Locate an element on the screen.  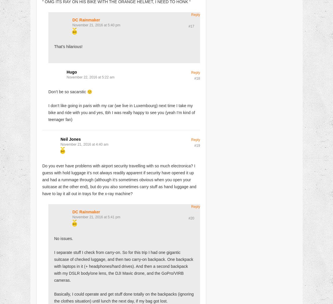
'Basically, I could operate and get stuff done totally on the backpacks (ignoring the clothes situation) until lunch the next day, if my bag got lost.' is located at coordinates (124, 297).